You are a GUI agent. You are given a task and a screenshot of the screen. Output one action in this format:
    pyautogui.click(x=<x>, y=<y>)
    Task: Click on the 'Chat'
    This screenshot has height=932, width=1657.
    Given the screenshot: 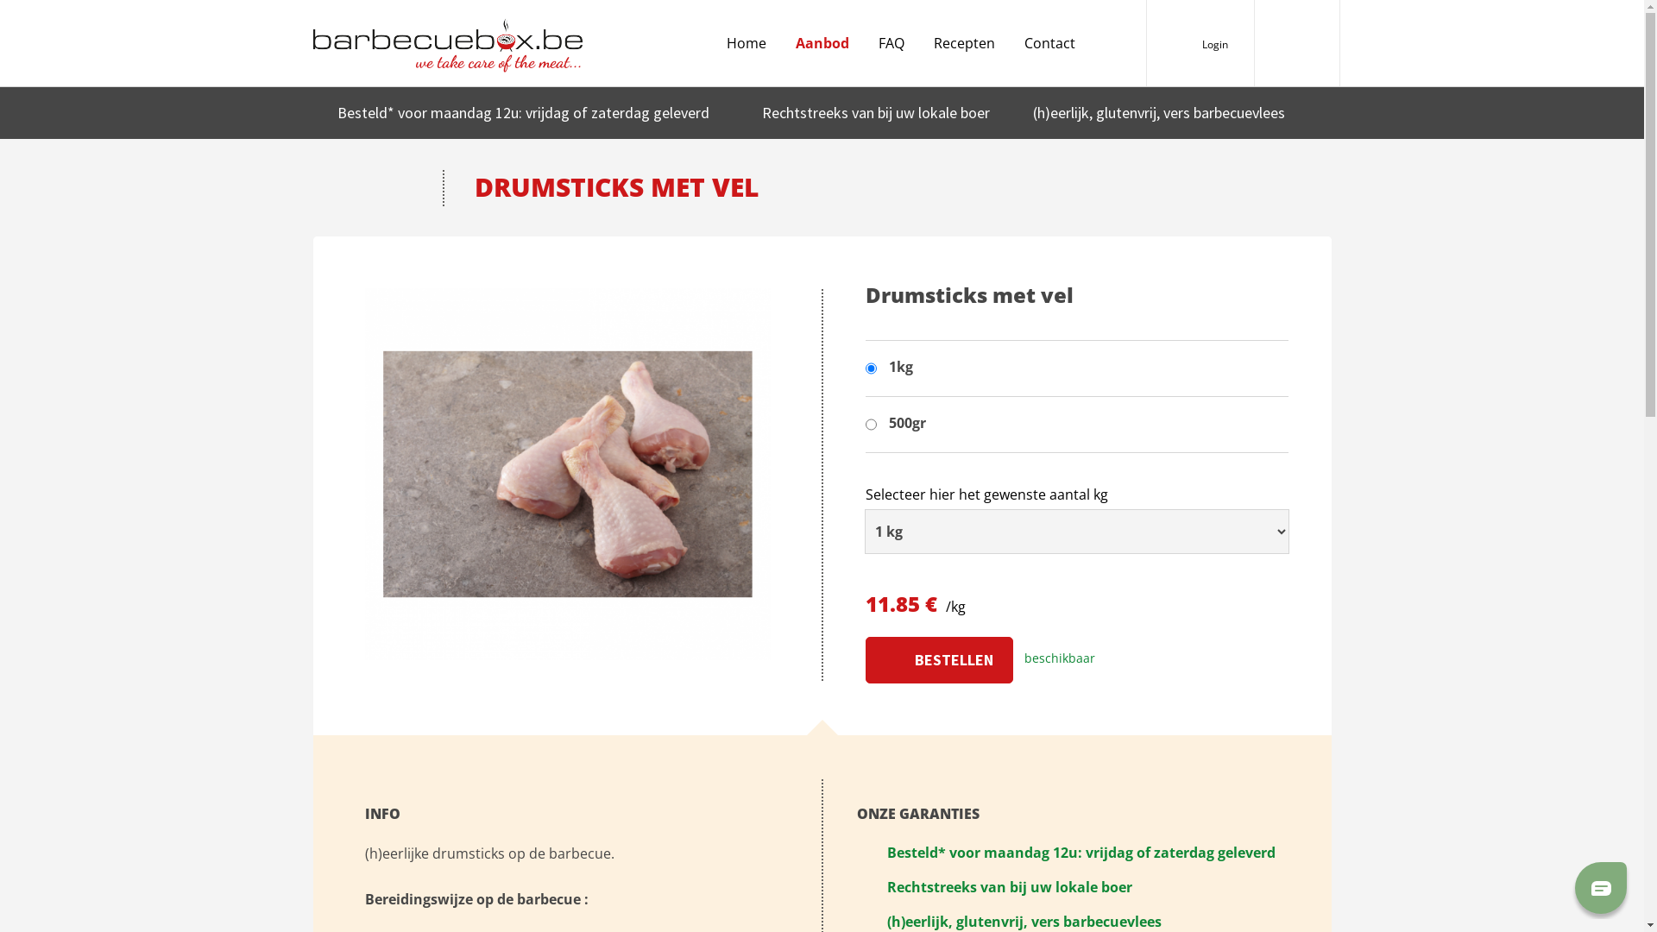 What is the action you would take?
    pyautogui.click(x=1599, y=886)
    